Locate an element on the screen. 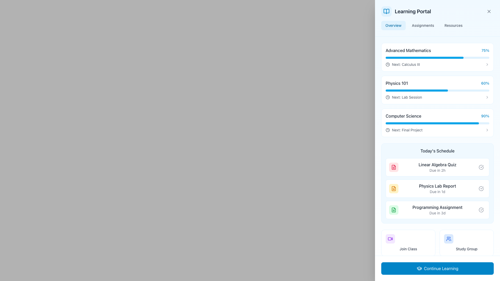 The height and width of the screenshot is (281, 500). the List item labeled 'Next: Calculus III' in the 'Advanced Mathematics' module is located at coordinates (438, 64).